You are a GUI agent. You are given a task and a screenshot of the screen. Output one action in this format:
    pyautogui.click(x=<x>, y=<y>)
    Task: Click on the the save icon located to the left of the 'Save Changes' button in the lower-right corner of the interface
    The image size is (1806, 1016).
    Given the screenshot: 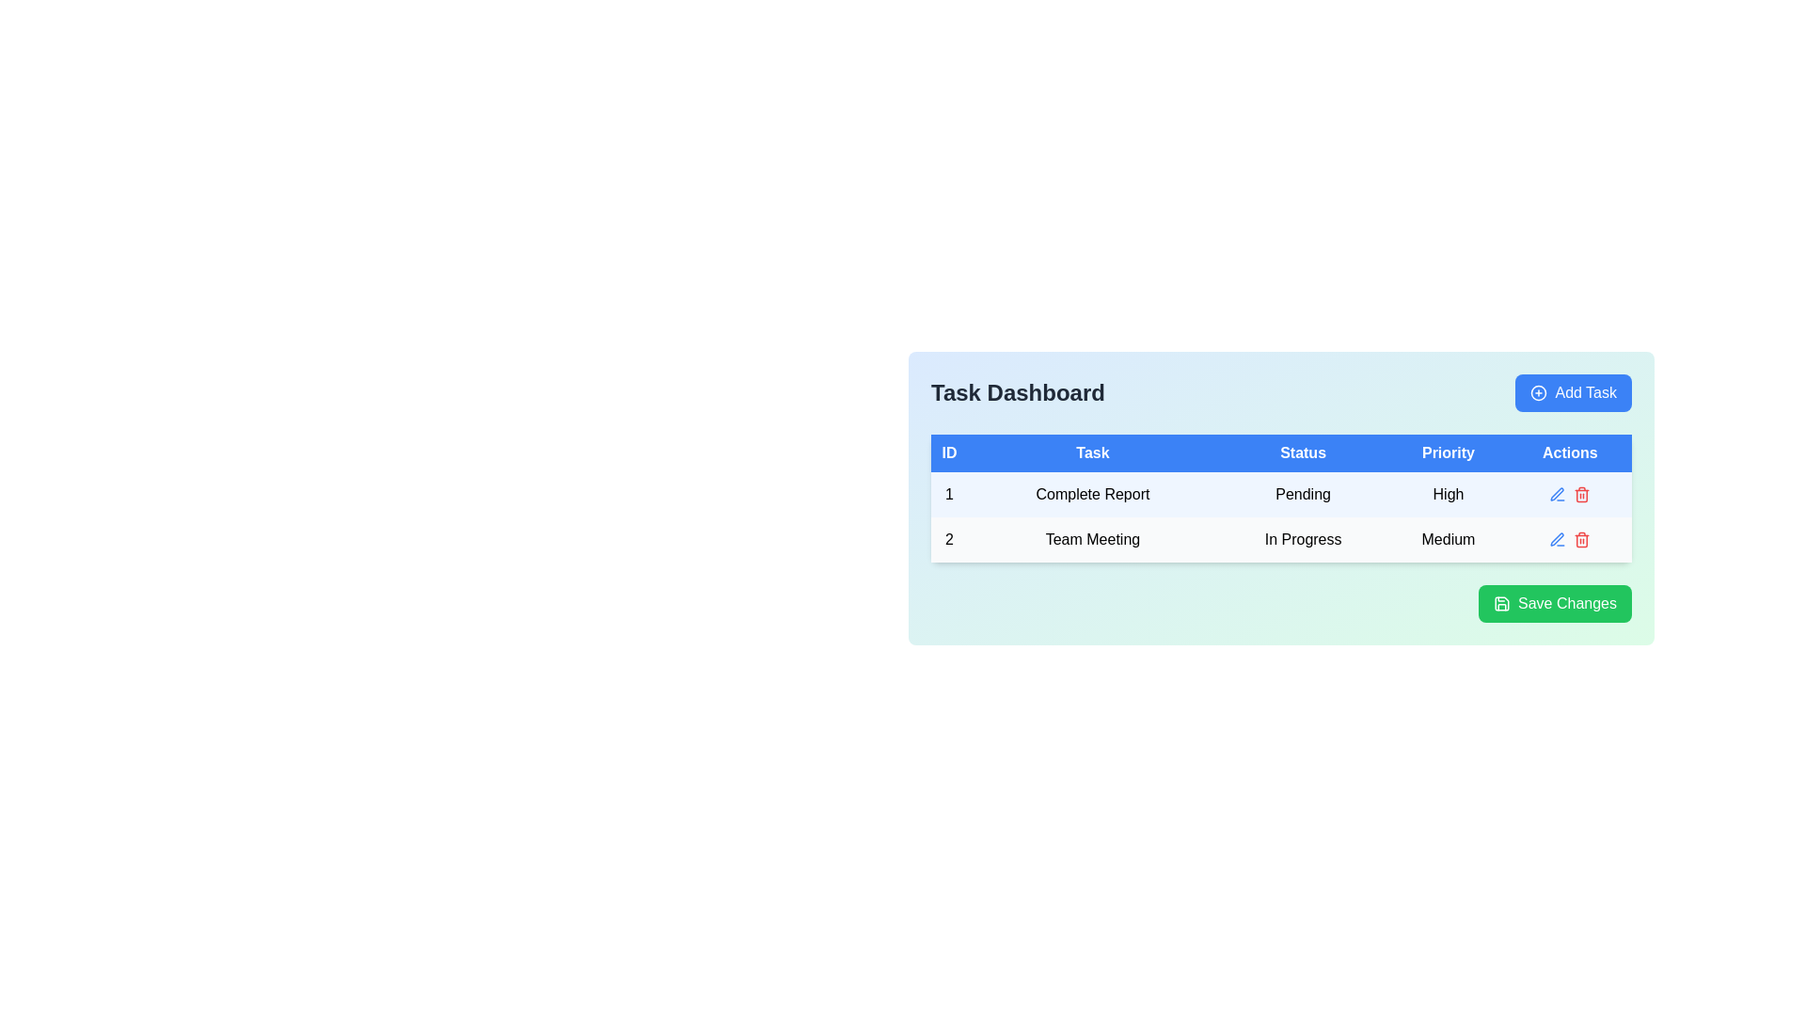 What is the action you would take?
    pyautogui.click(x=1501, y=603)
    